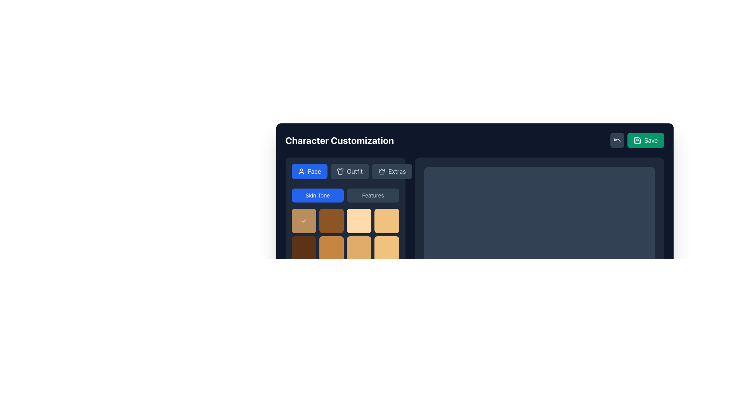 This screenshot has width=745, height=419. What do you see at coordinates (301, 171) in the screenshot?
I see `the 'Face' icon embedded within the button` at bounding box center [301, 171].